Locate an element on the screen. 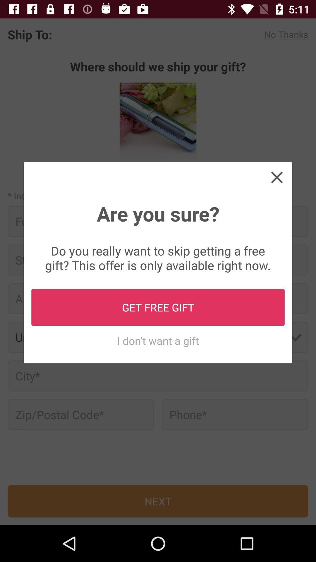 The height and width of the screenshot is (562, 316). dialog box is located at coordinates (276, 177).